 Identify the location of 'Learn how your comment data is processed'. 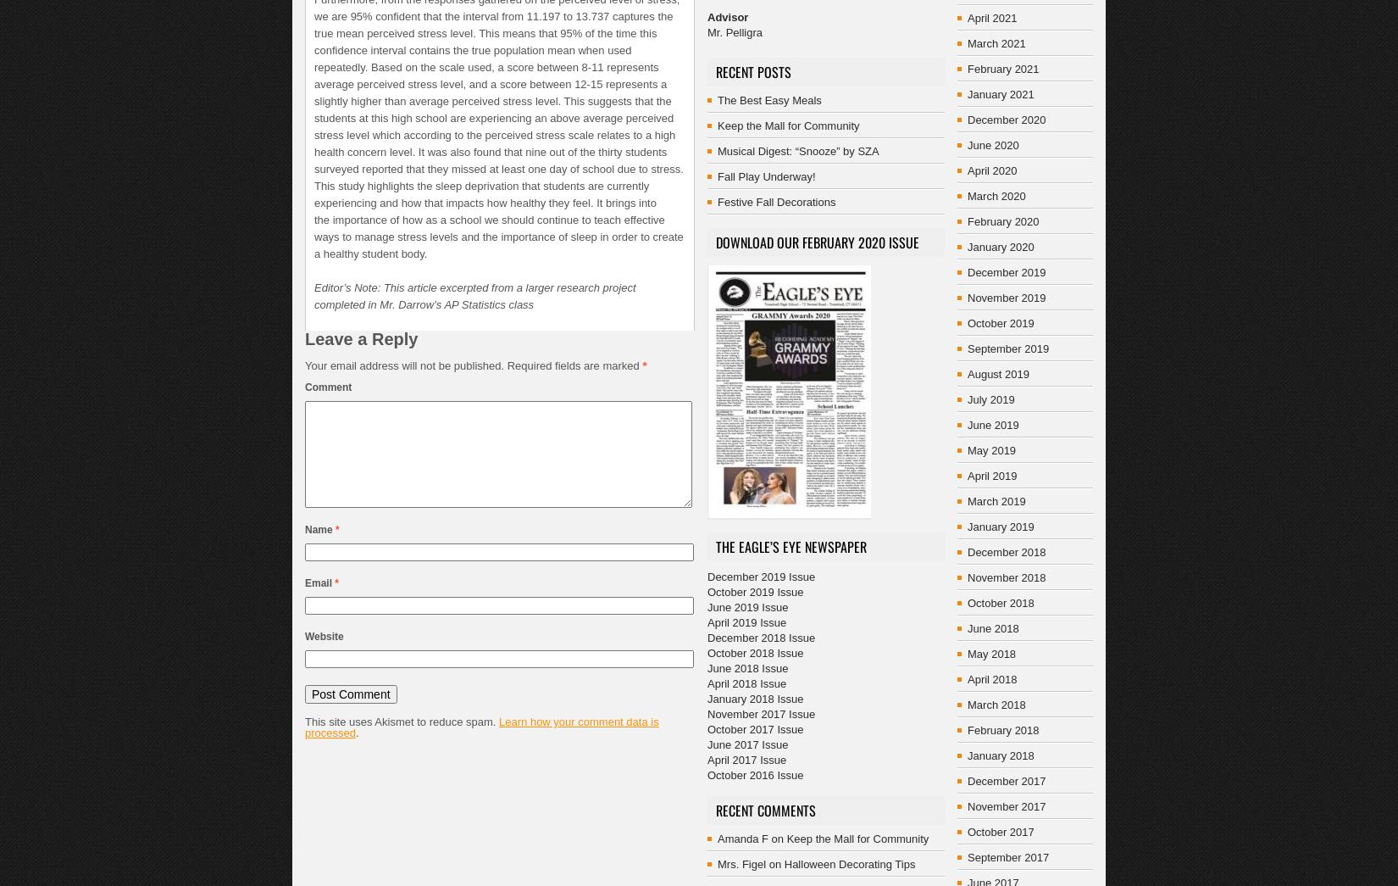
(480, 727).